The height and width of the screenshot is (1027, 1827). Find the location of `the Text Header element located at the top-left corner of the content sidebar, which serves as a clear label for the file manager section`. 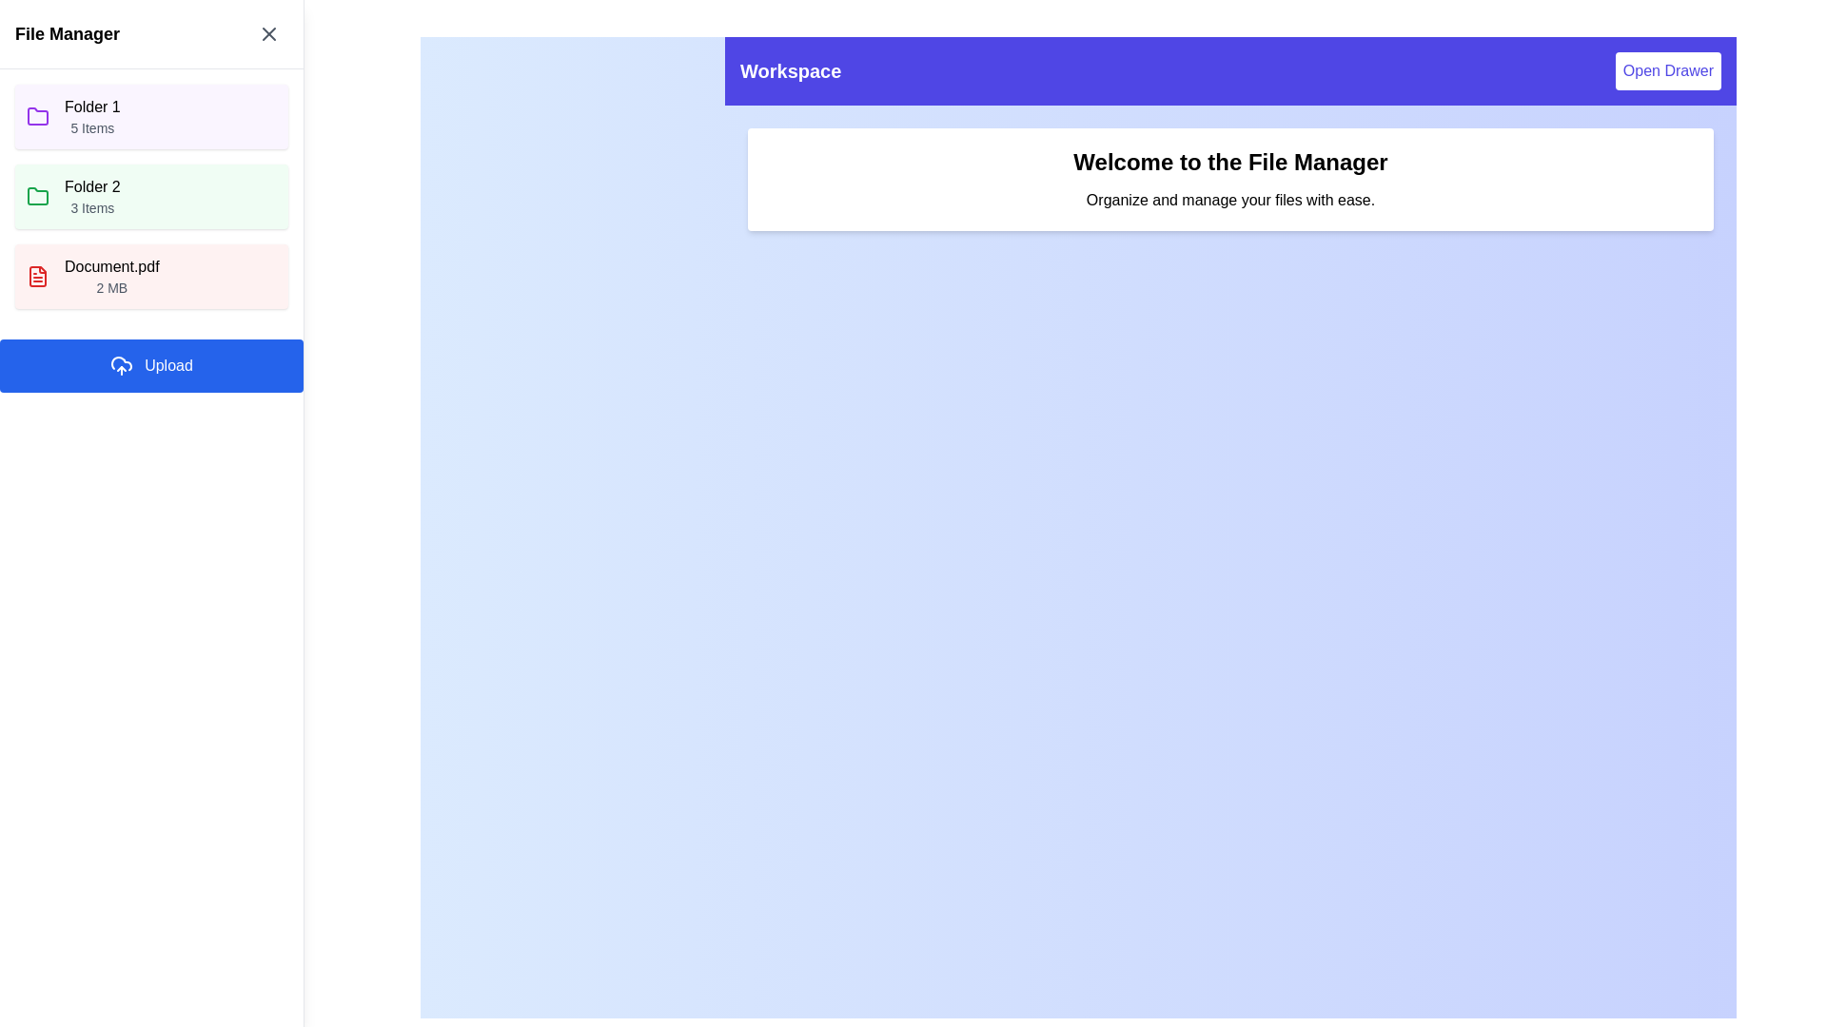

the Text Header element located at the top-left corner of the content sidebar, which serves as a clear label for the file manager section is located at coordinates (68, 33).